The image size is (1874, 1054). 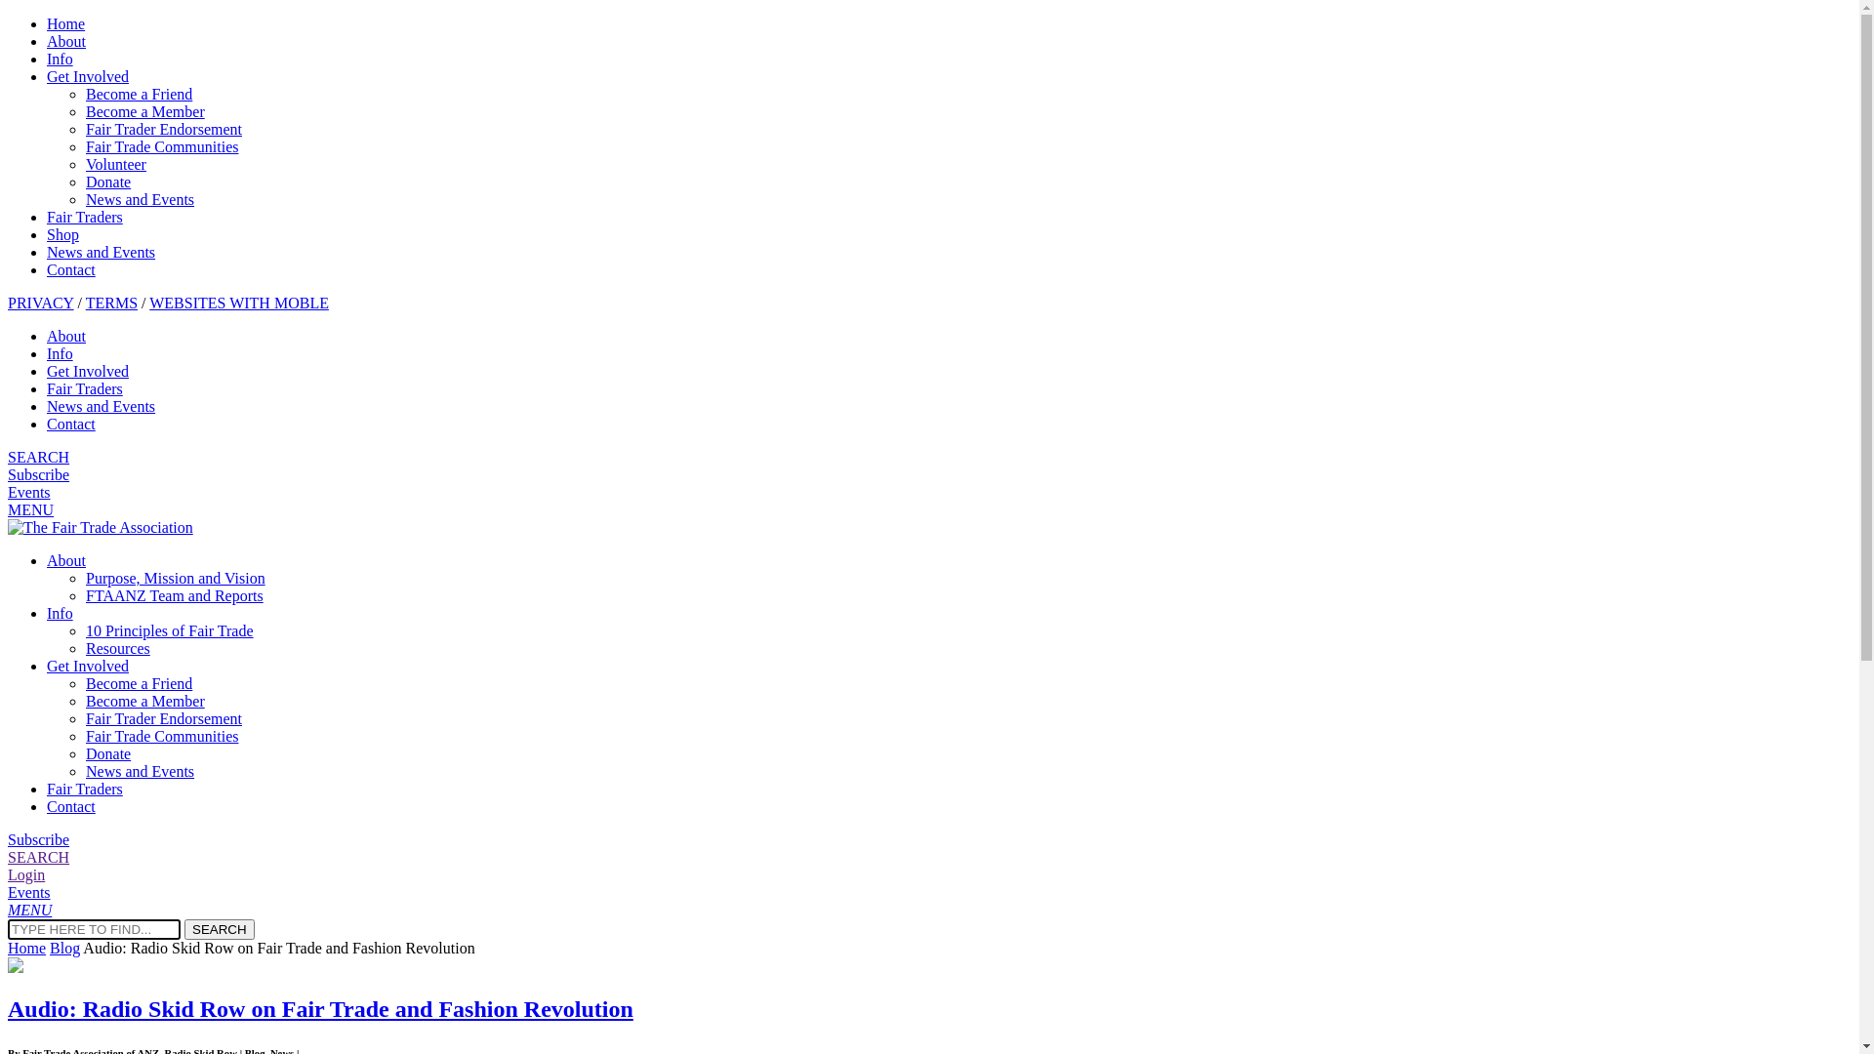 I want to click on 'Become a Member', so click(x=143, y=700).